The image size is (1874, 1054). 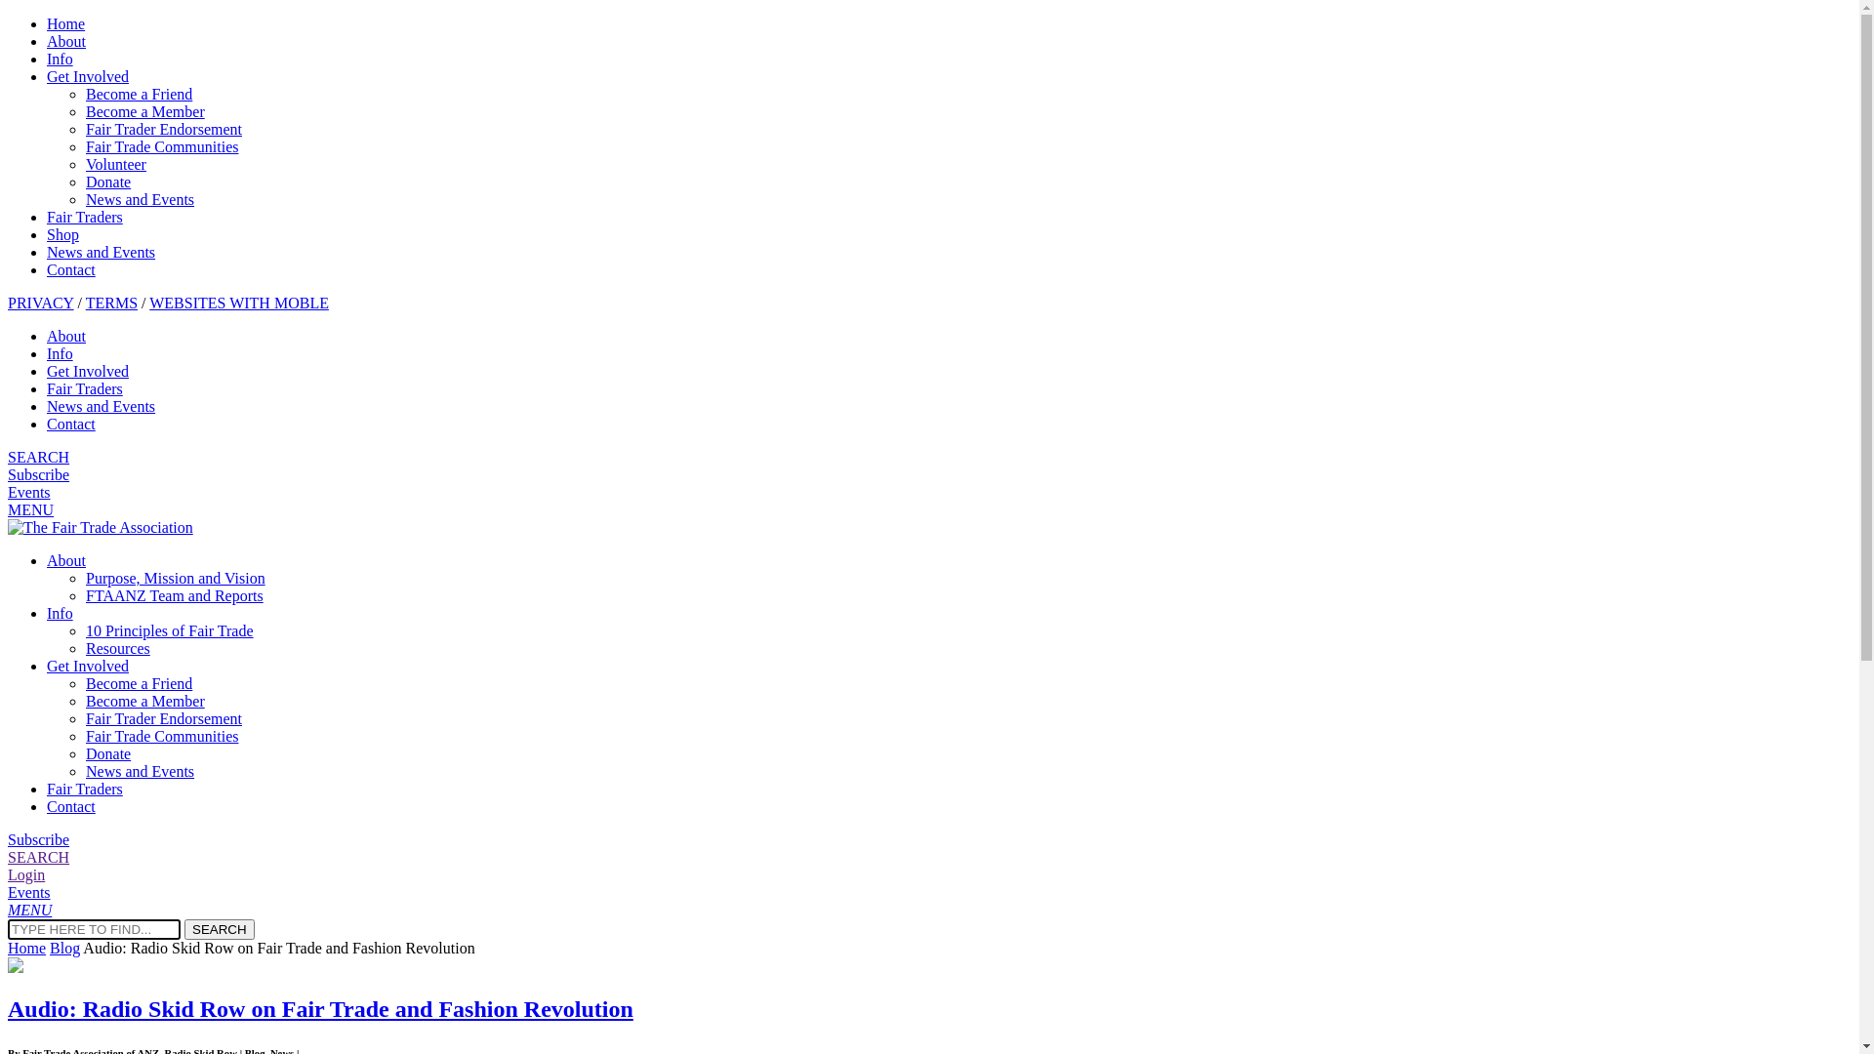 I want to click on 'Become a Member', so click(x=143, y=700).